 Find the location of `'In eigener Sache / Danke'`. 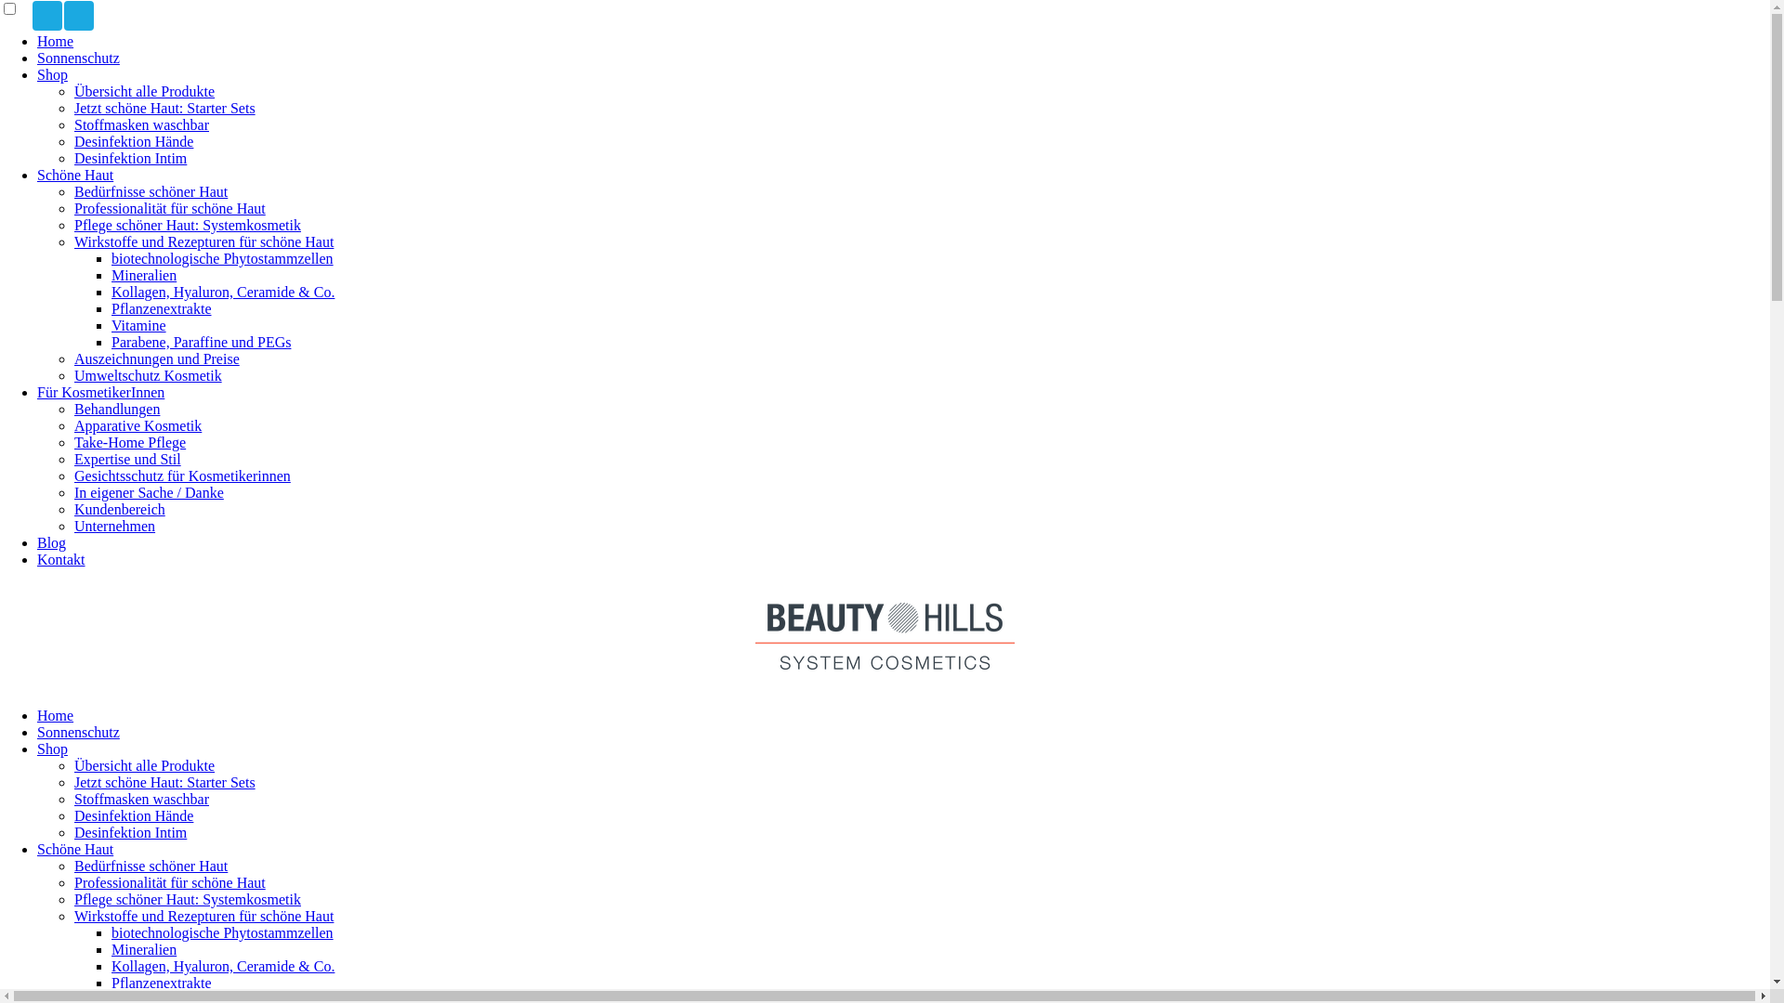

'In eigener Sache / Danke' is located at coordinates (149, 491).